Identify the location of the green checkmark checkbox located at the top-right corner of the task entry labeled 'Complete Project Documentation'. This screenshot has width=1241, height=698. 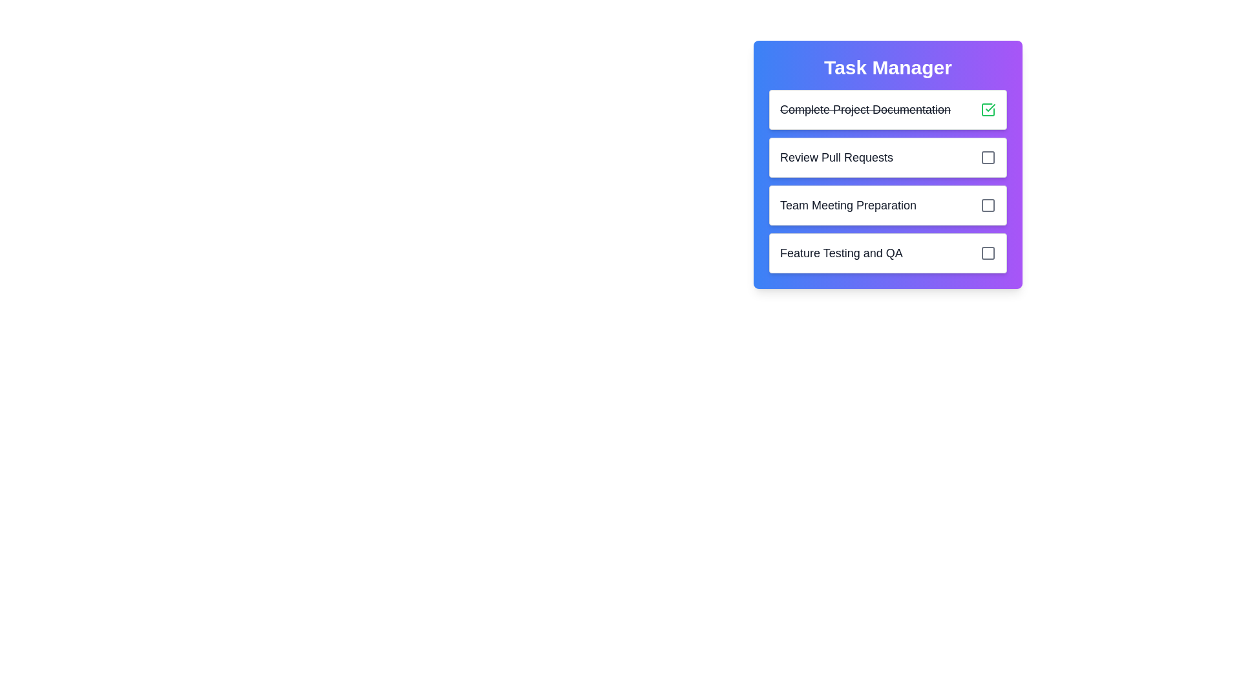
(988, 109).